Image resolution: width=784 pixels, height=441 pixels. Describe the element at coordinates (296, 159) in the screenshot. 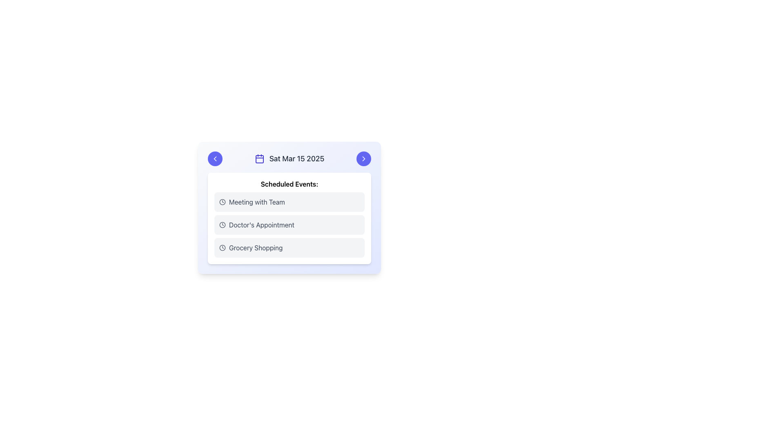

I see `the text label displaying the date 'Sat Mar 15 2025', which is positioned to the right of a calendar icon within a card layout` at that location.